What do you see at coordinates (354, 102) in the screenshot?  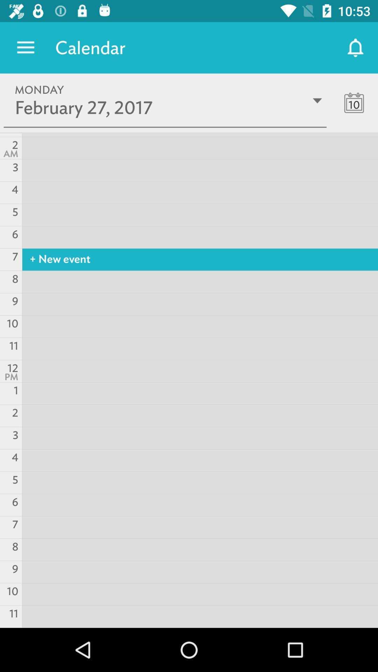 I see `the date_range icon` at bounding box center [354, 102].